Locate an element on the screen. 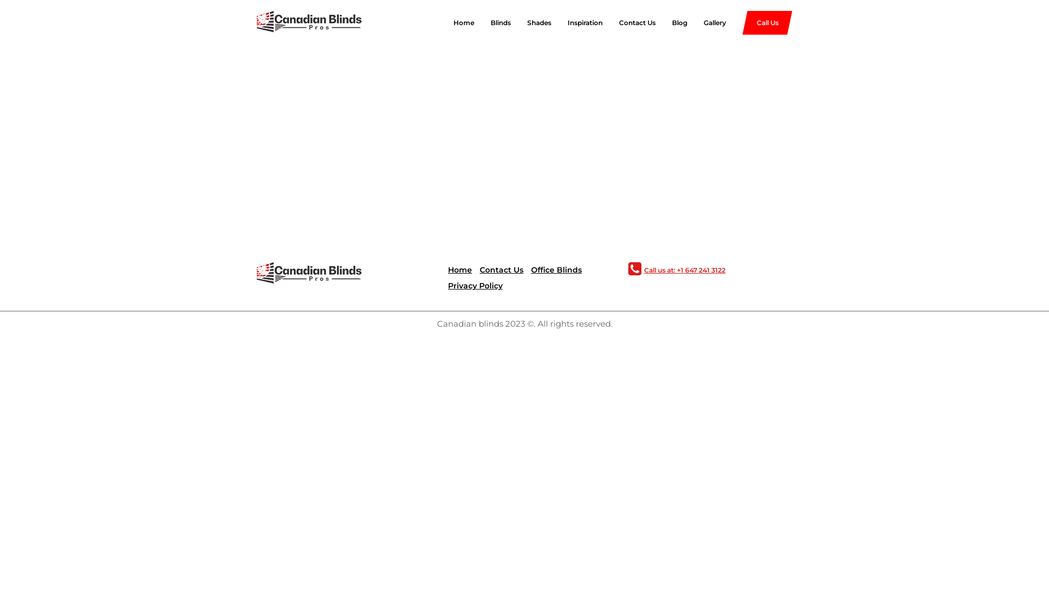 This screenshot has width=1049, height=590. 'Blog' is located at coordinates (656, 23).